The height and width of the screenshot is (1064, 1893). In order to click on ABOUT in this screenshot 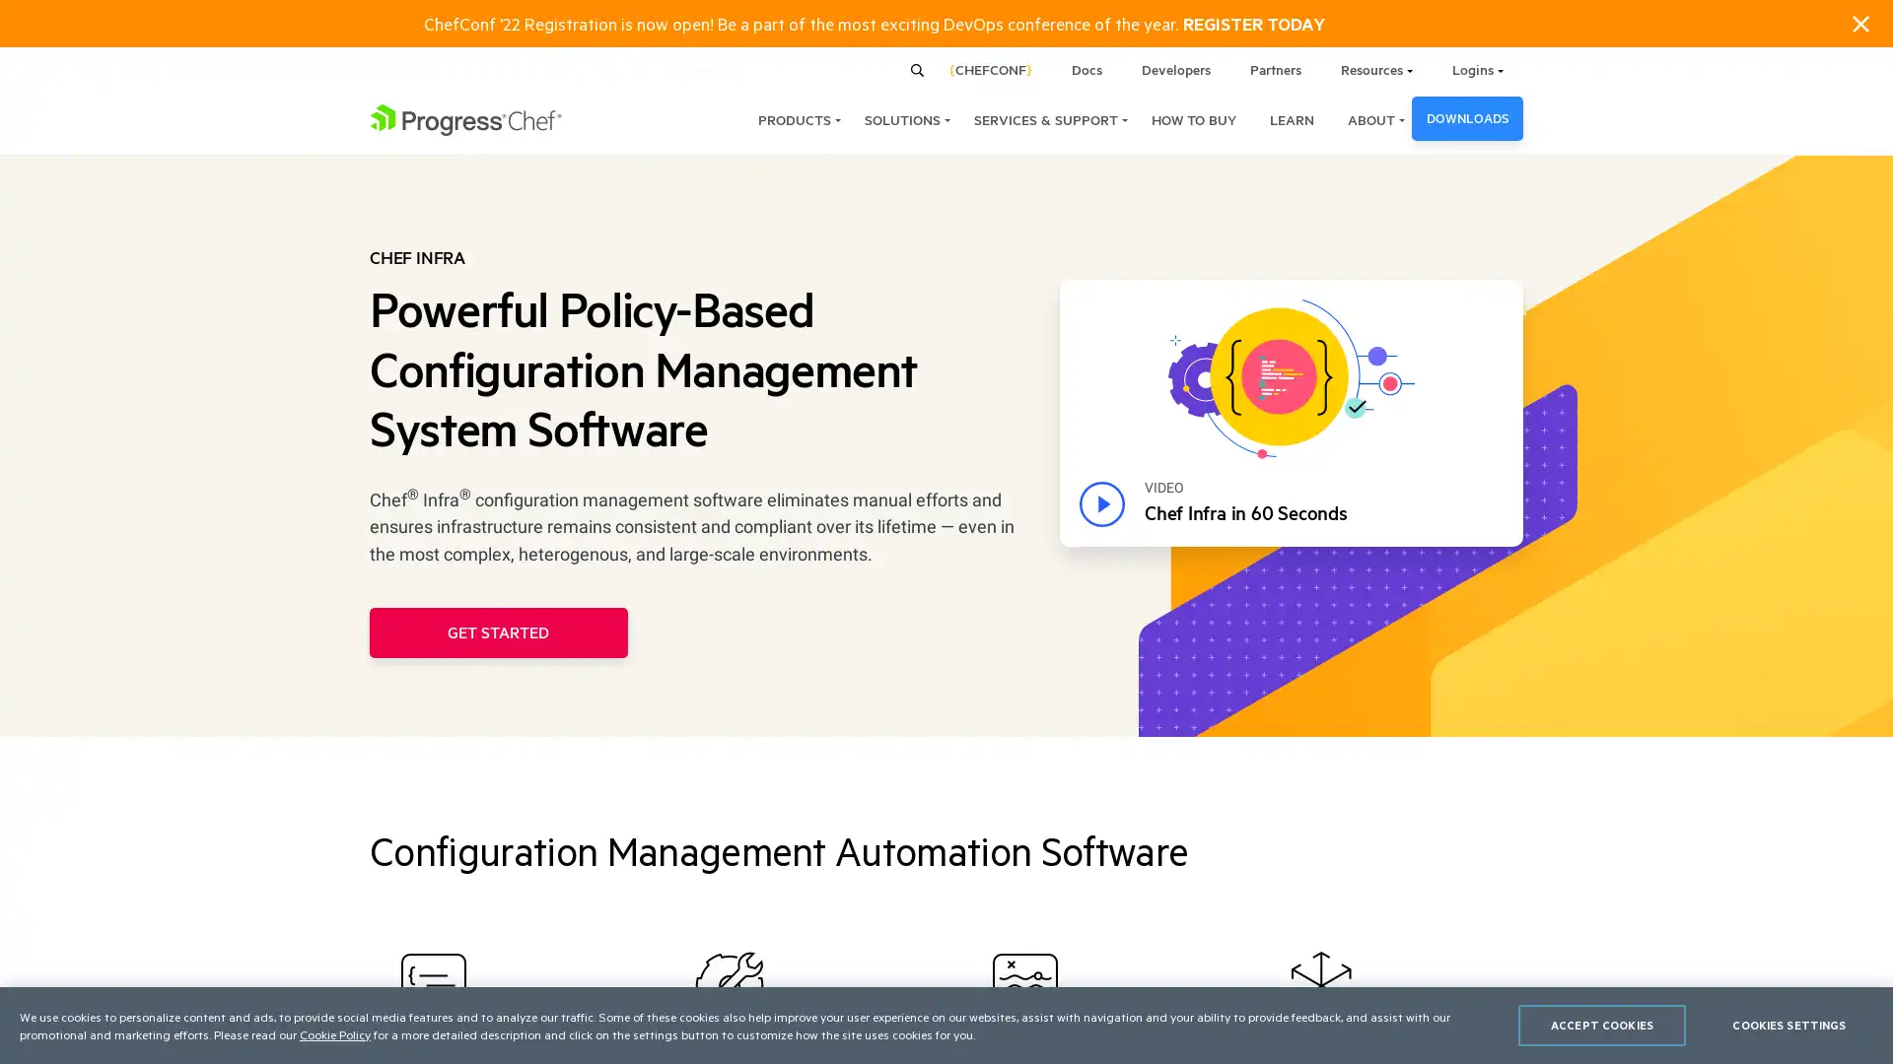, I will do `click(1326, 120)`.